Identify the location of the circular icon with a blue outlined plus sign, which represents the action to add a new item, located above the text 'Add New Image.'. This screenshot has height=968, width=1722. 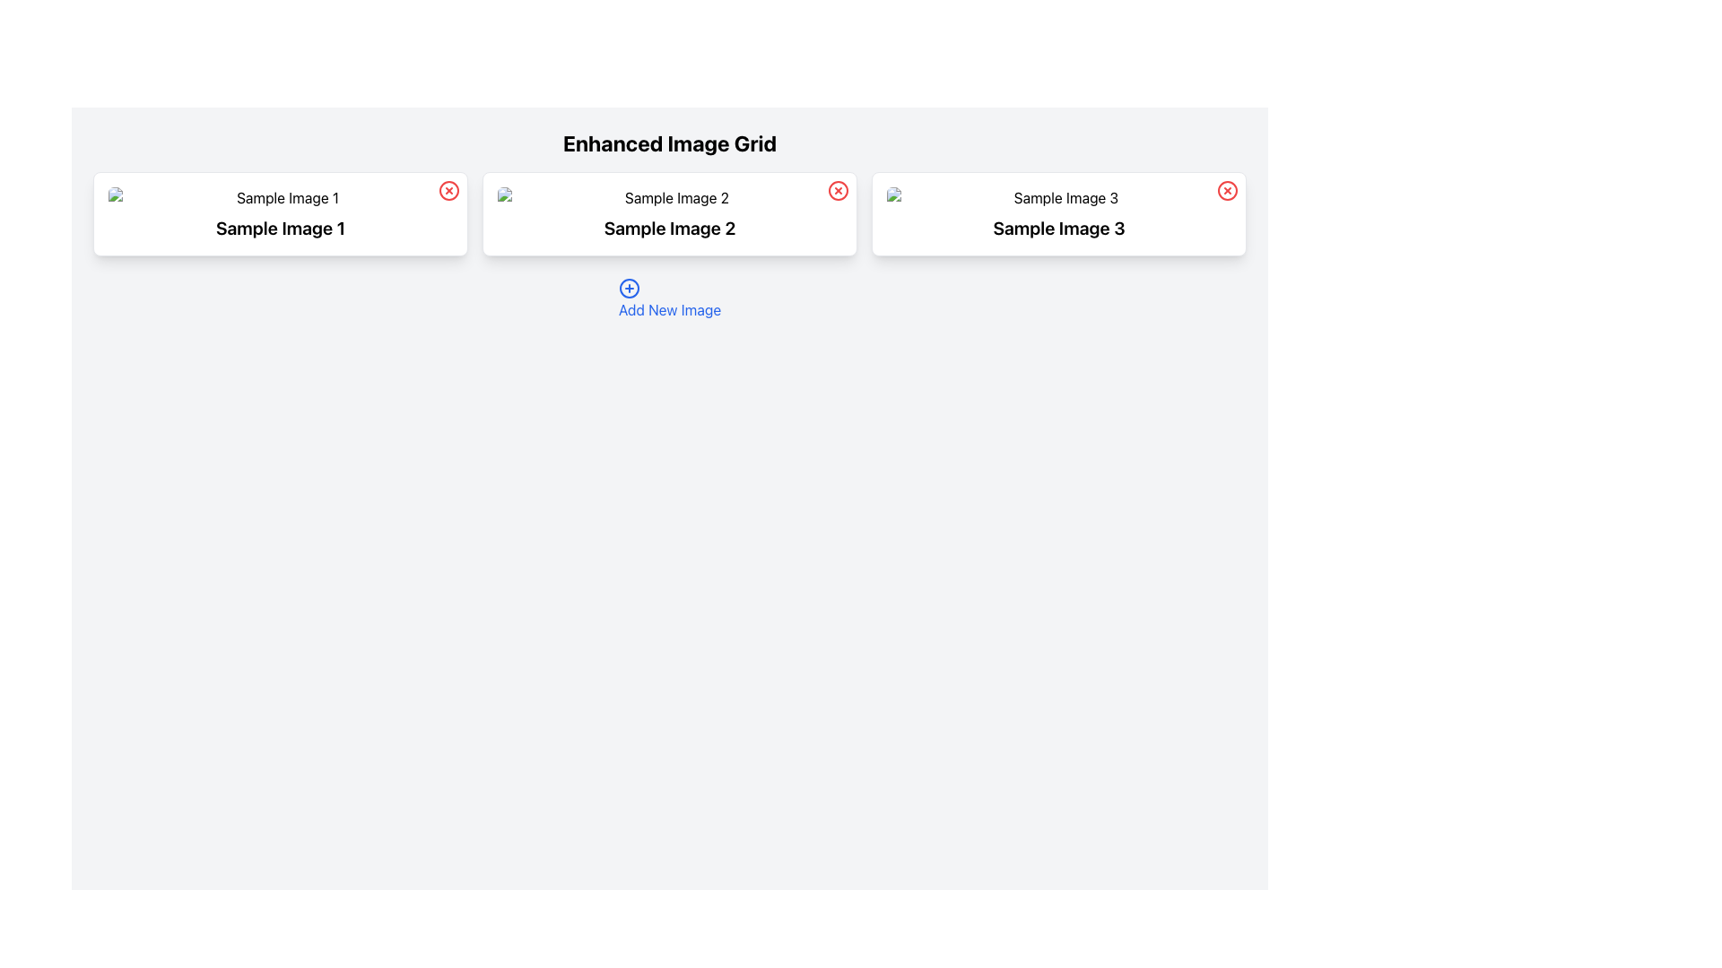
(629, 287).